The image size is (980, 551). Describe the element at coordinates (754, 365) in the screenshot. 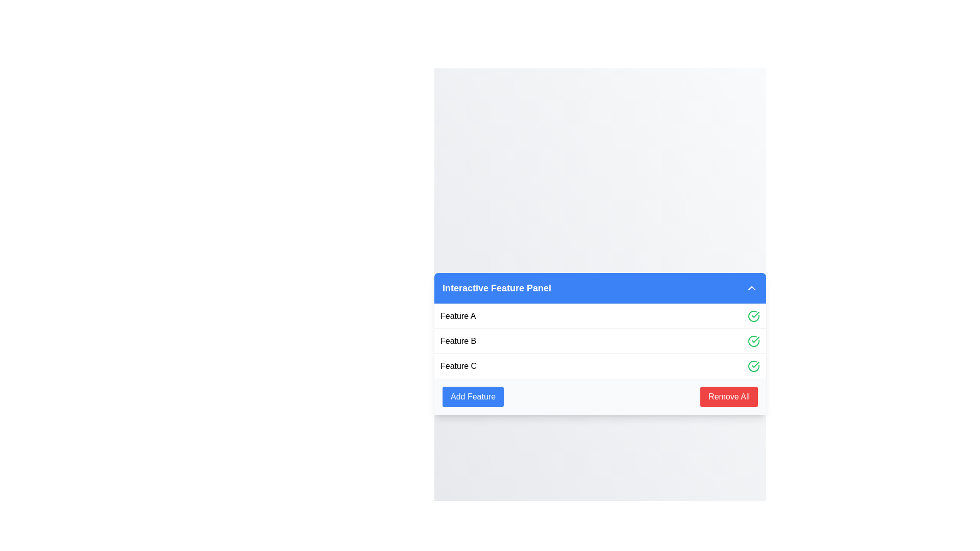

I see `the success icon with a circular outline and checkmark, located to the right of the 'Feature C' text within the 'Interactive Feature Panel'` at that location.